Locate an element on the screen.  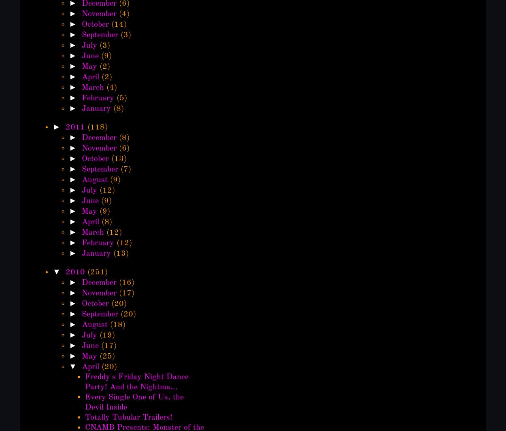
'(7)' is located at coordinates (125, 169).